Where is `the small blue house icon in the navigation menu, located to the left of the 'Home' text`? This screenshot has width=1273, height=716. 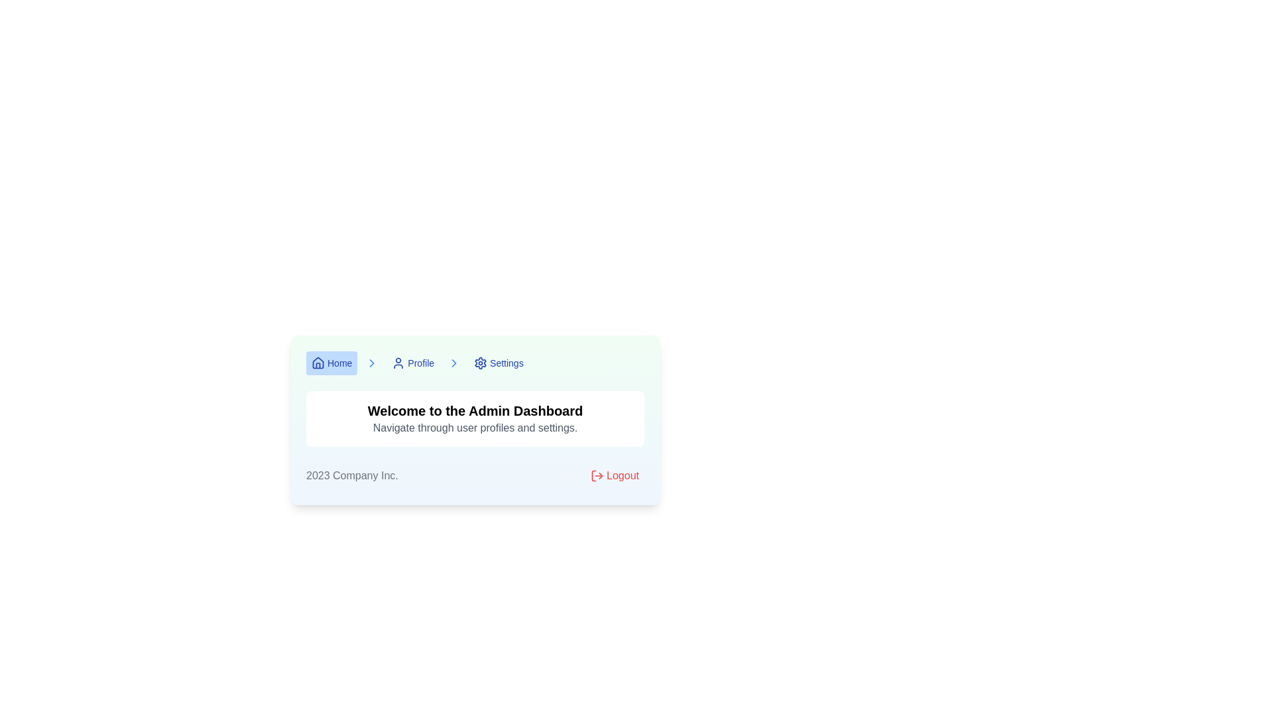 the small blue house icon in the navigation menu, located to the left of the 'Home' text is located at coordinates (318, 363).